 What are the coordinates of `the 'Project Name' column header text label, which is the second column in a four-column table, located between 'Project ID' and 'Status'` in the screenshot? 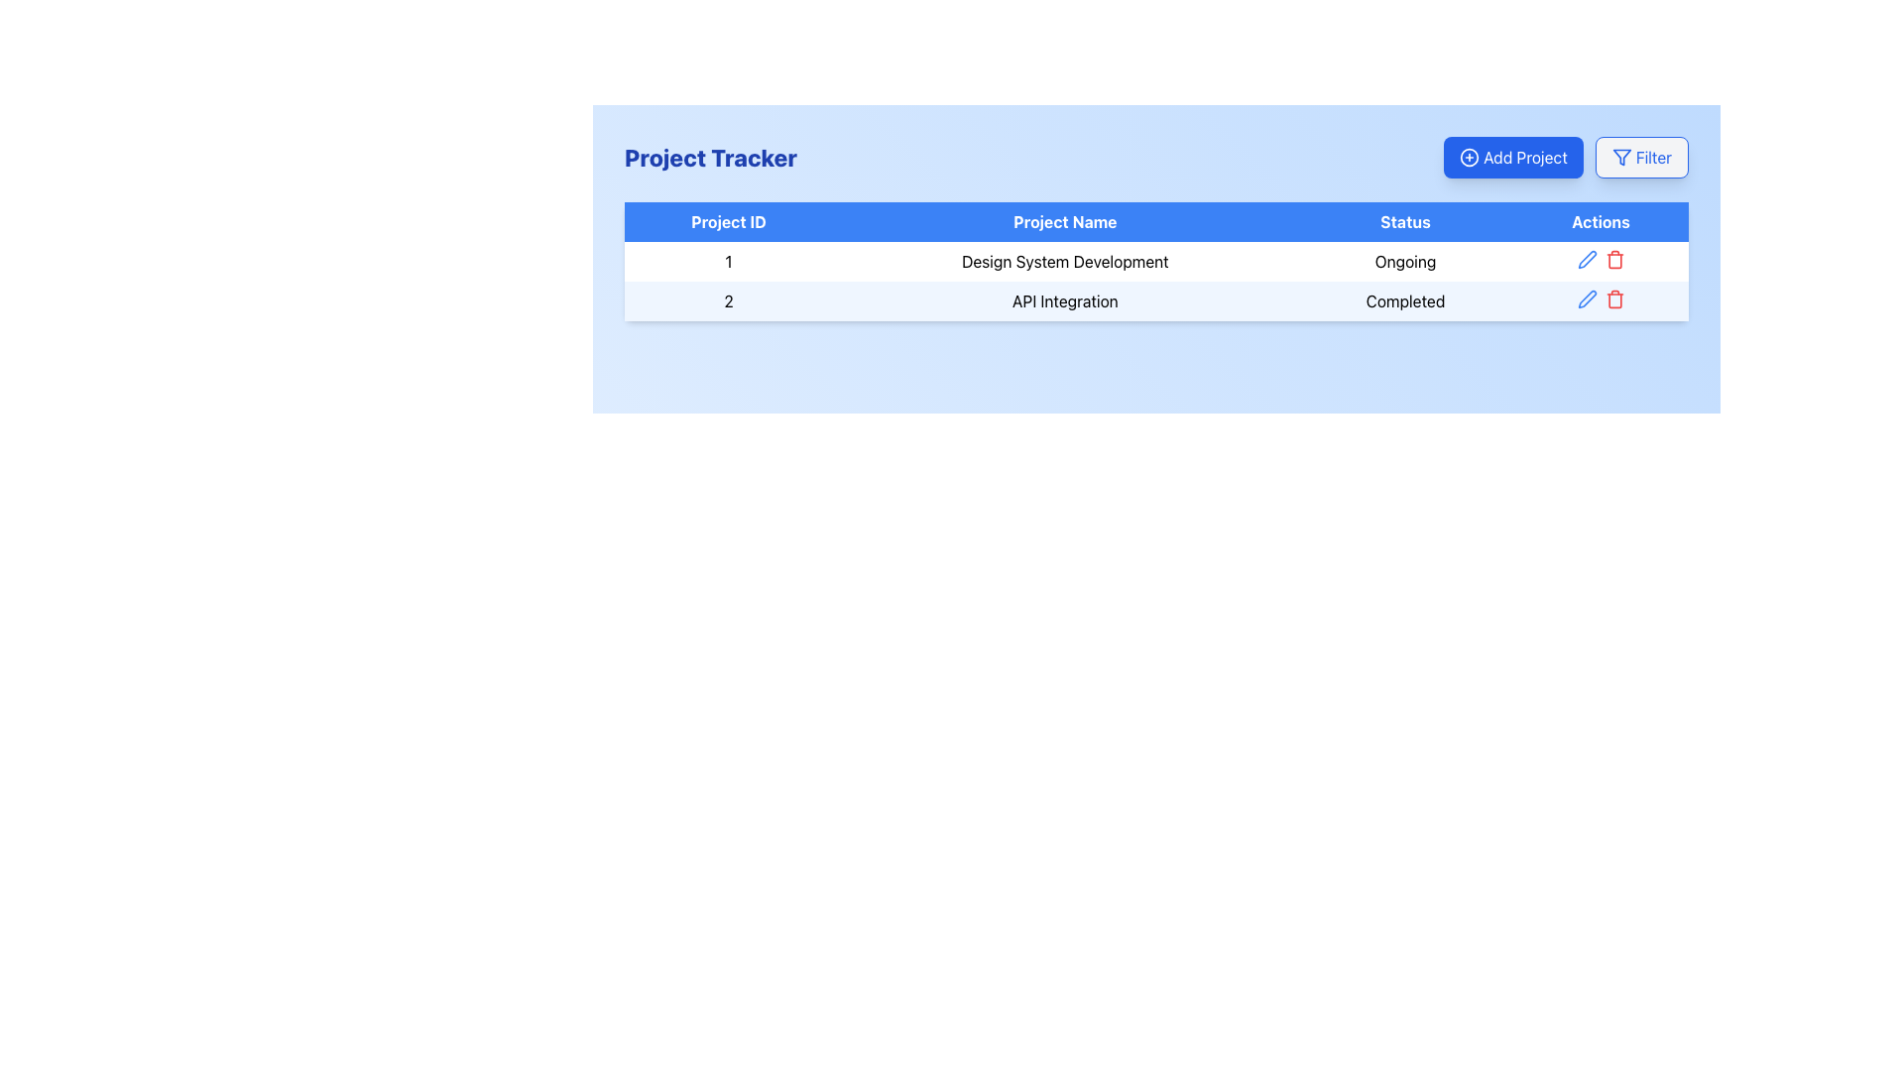 It's located at (1064, 221).